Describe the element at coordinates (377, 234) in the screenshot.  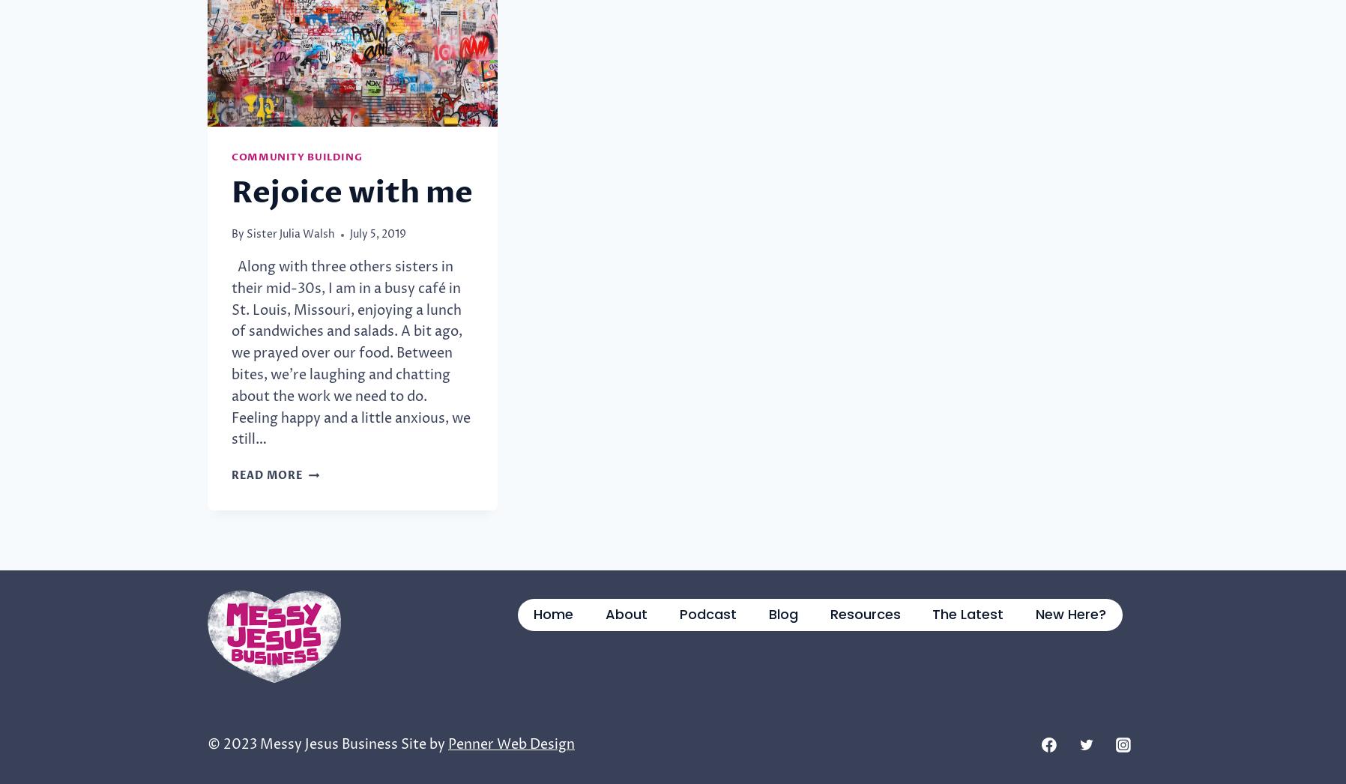
I see `'July 5, 2019'` at that location.